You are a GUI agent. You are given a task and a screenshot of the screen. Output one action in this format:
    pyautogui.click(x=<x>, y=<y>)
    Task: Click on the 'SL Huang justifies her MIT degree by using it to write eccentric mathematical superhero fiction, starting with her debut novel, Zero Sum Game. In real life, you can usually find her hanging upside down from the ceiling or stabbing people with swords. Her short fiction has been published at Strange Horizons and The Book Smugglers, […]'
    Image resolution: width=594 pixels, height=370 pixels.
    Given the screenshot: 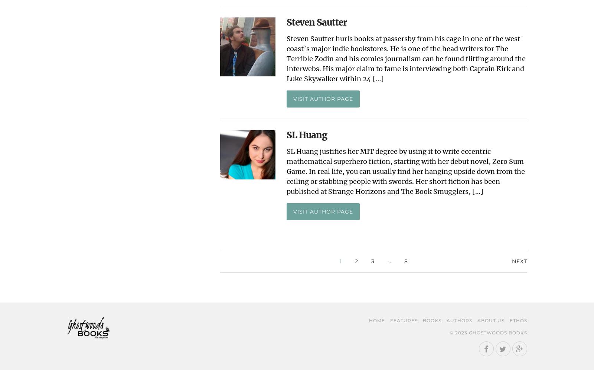 What is the action you would take?
    pyautogui.click(x=405, y=171)
    